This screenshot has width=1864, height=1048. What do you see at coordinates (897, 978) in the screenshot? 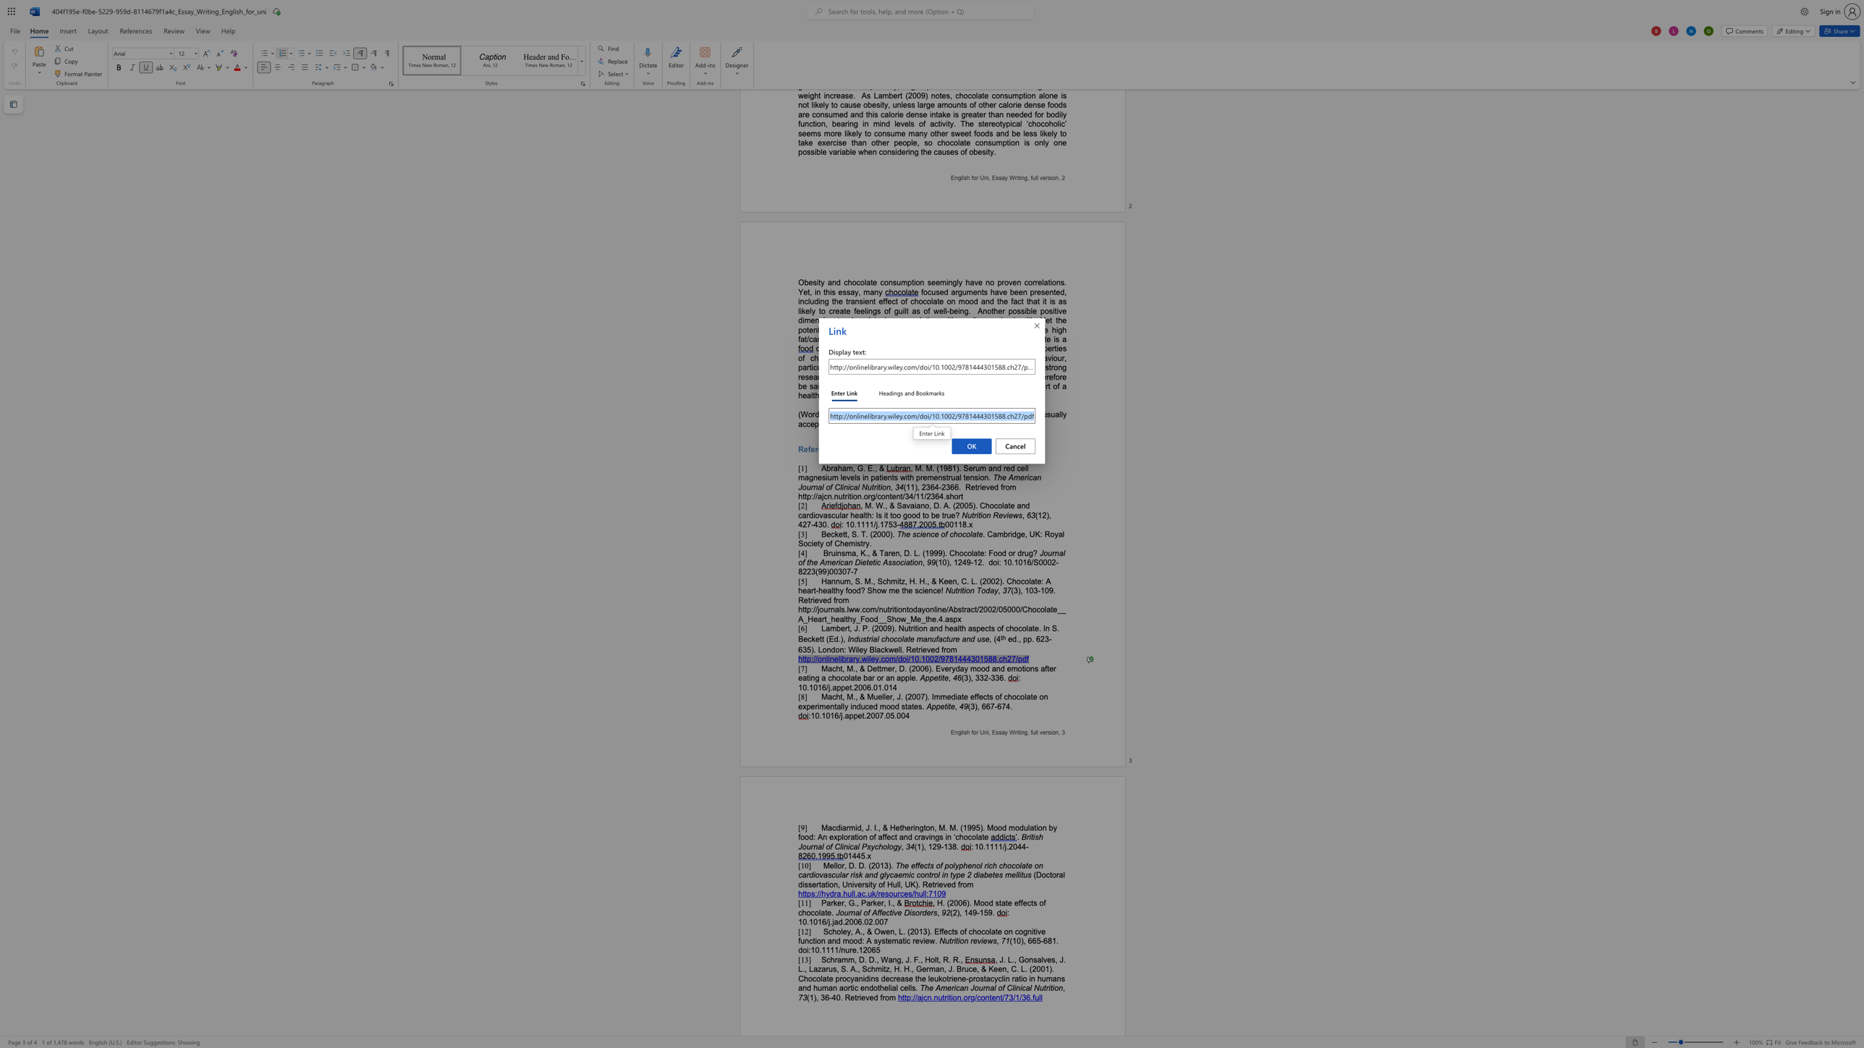
I see `the 8th character "e" in the text` at bounding box center [897, 978].